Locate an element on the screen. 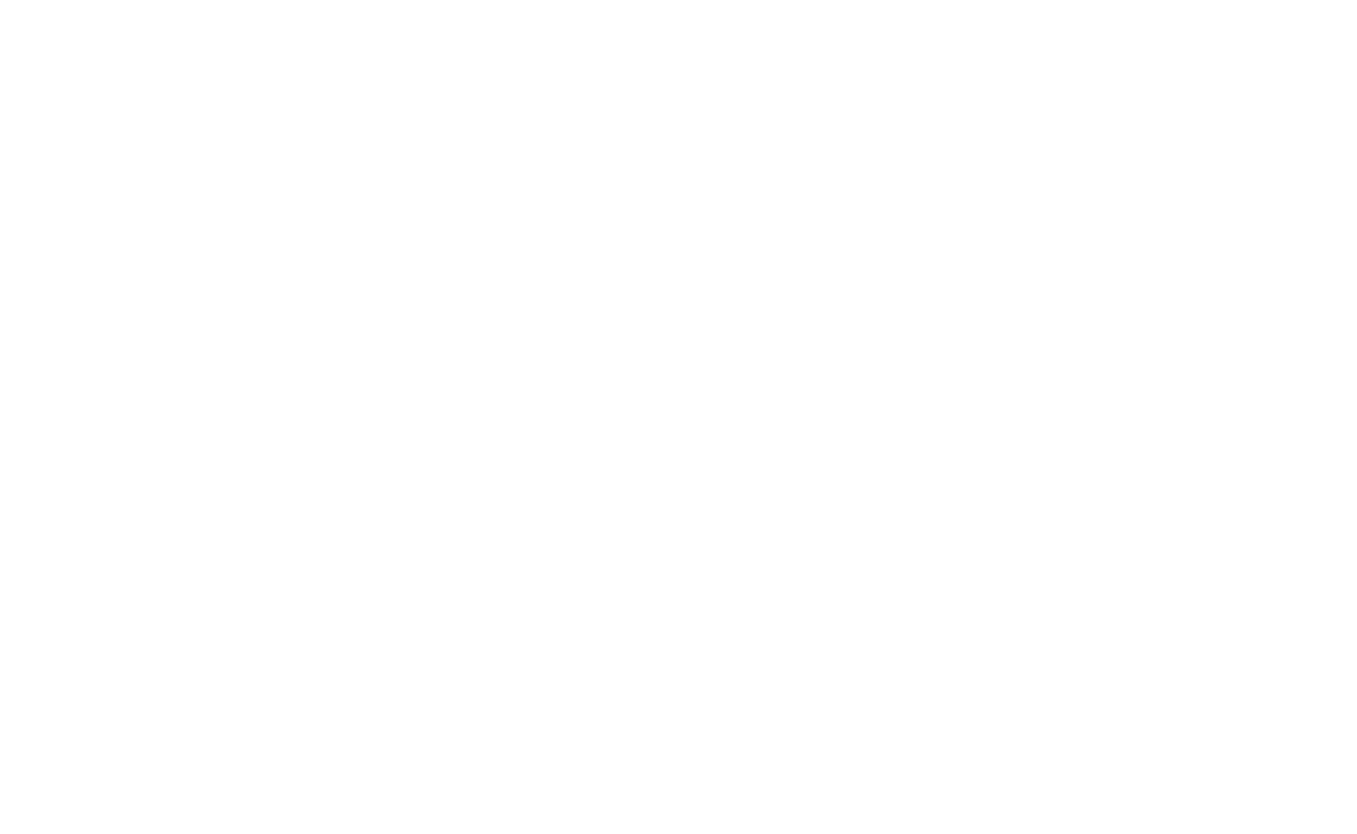 The image size is (1357, 834). 'Nov 10, 2023' is located at coordinates (223, 761).